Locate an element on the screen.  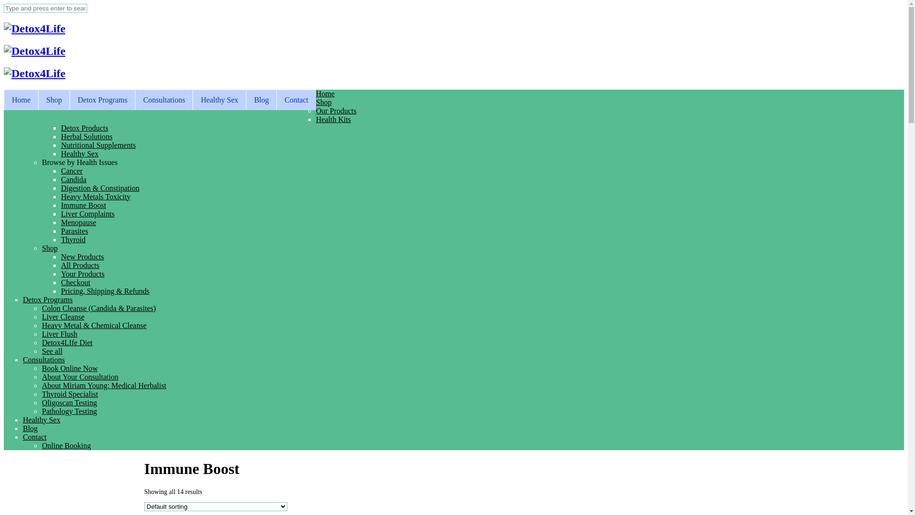
'Menopause' is located at coordinates (78, 222).